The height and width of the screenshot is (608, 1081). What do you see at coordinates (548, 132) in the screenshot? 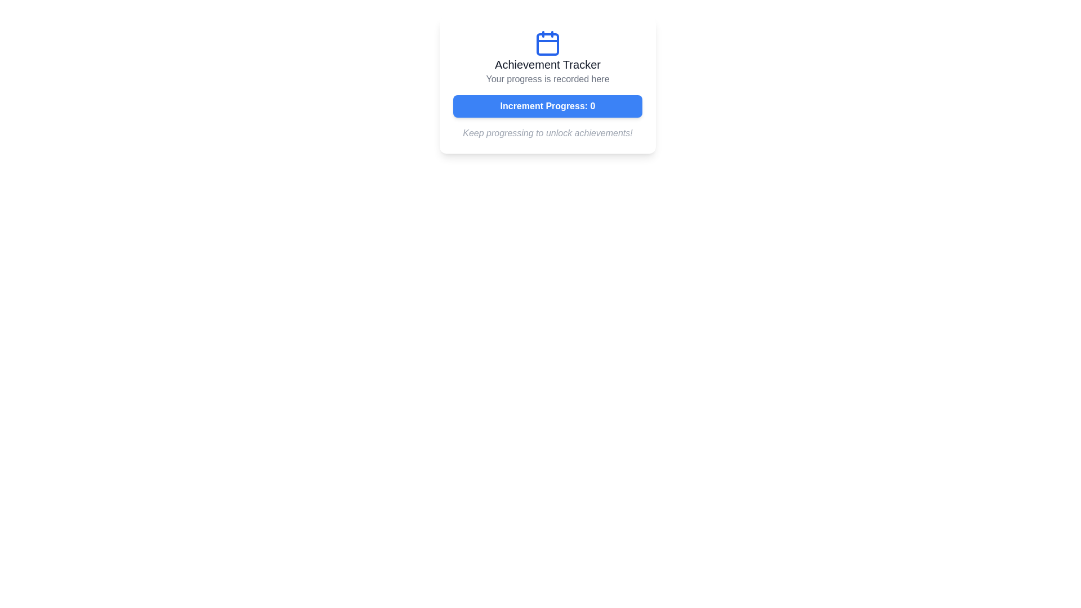
I see `the informational static text that encourages users to continue their progress to unlock achievements, located below the 'Increment Progress: 0' button in the 'Achievement Tracker' card` at bounding box center [548, 132].